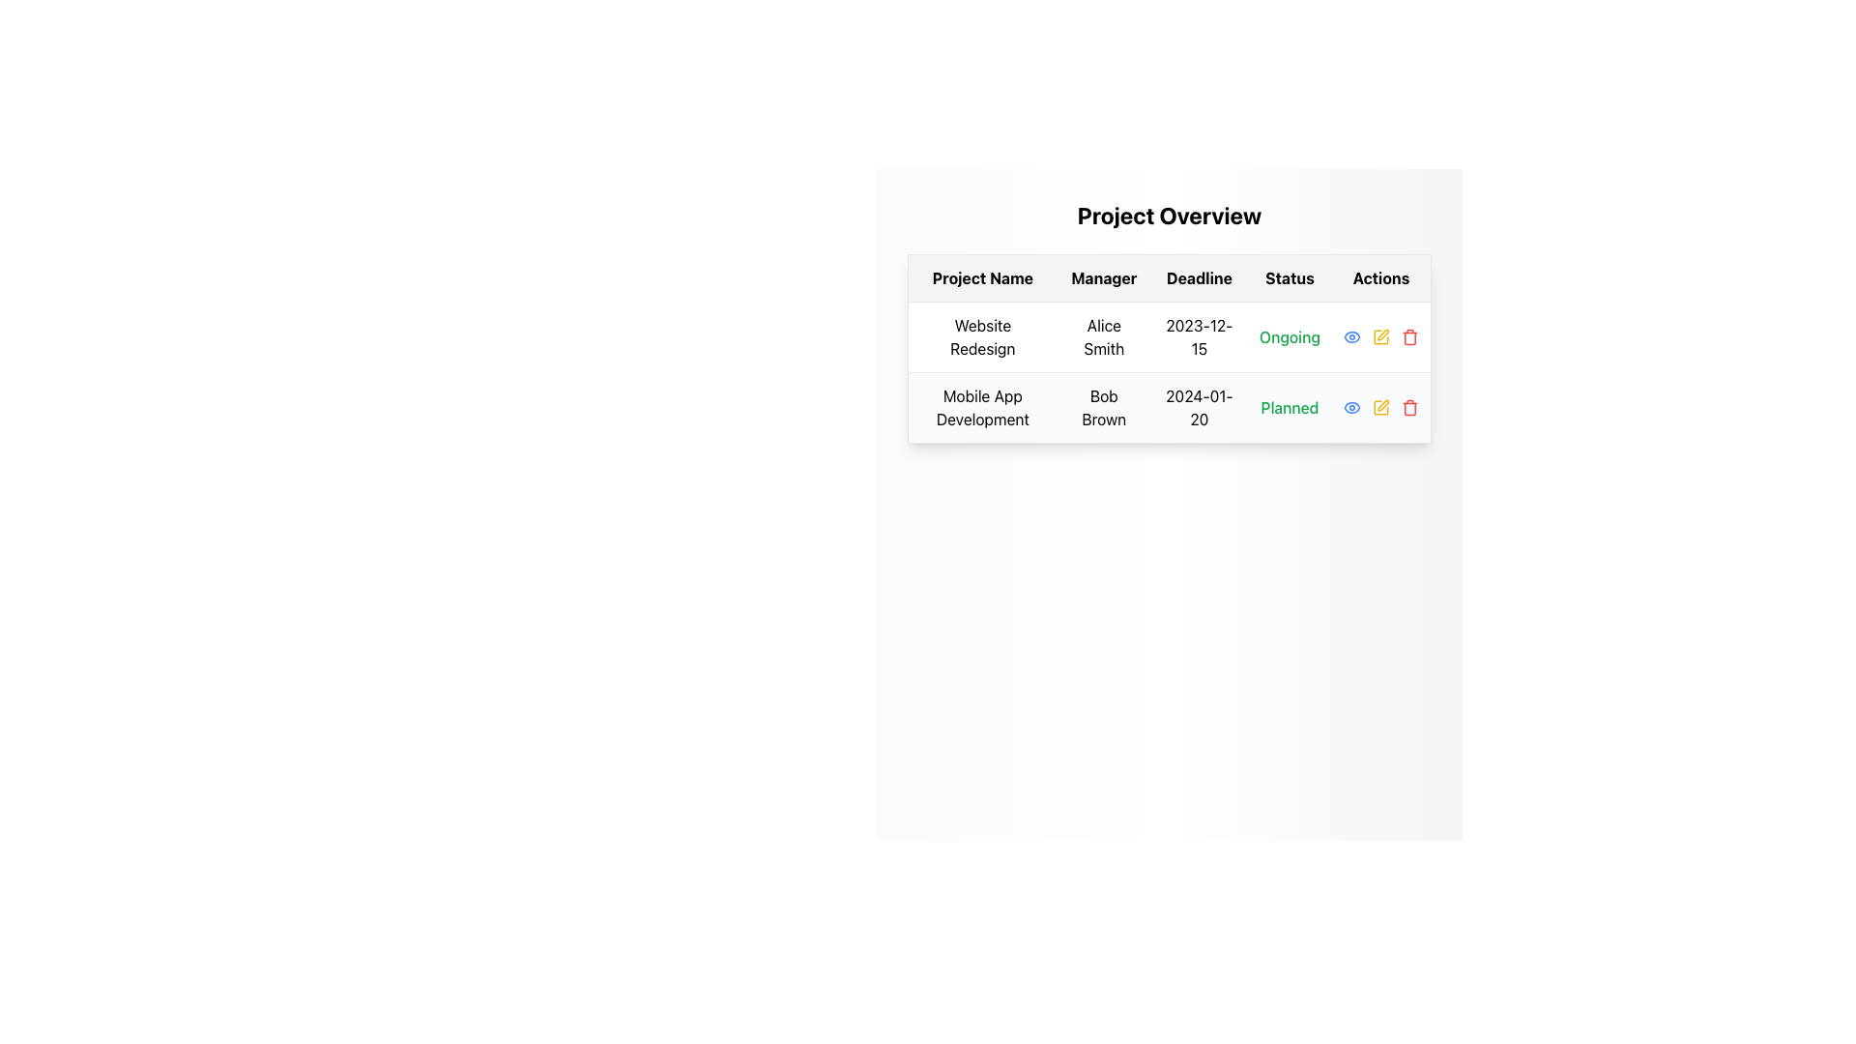 The width and height of the screenshot is (1856, 1044). Describe the element at coordinates (1104, 278) in the screenshot. I see `the 'Manager' column header in the table, which is the second column header positioned between 'Project Name' and 'Deadline'` at that location.